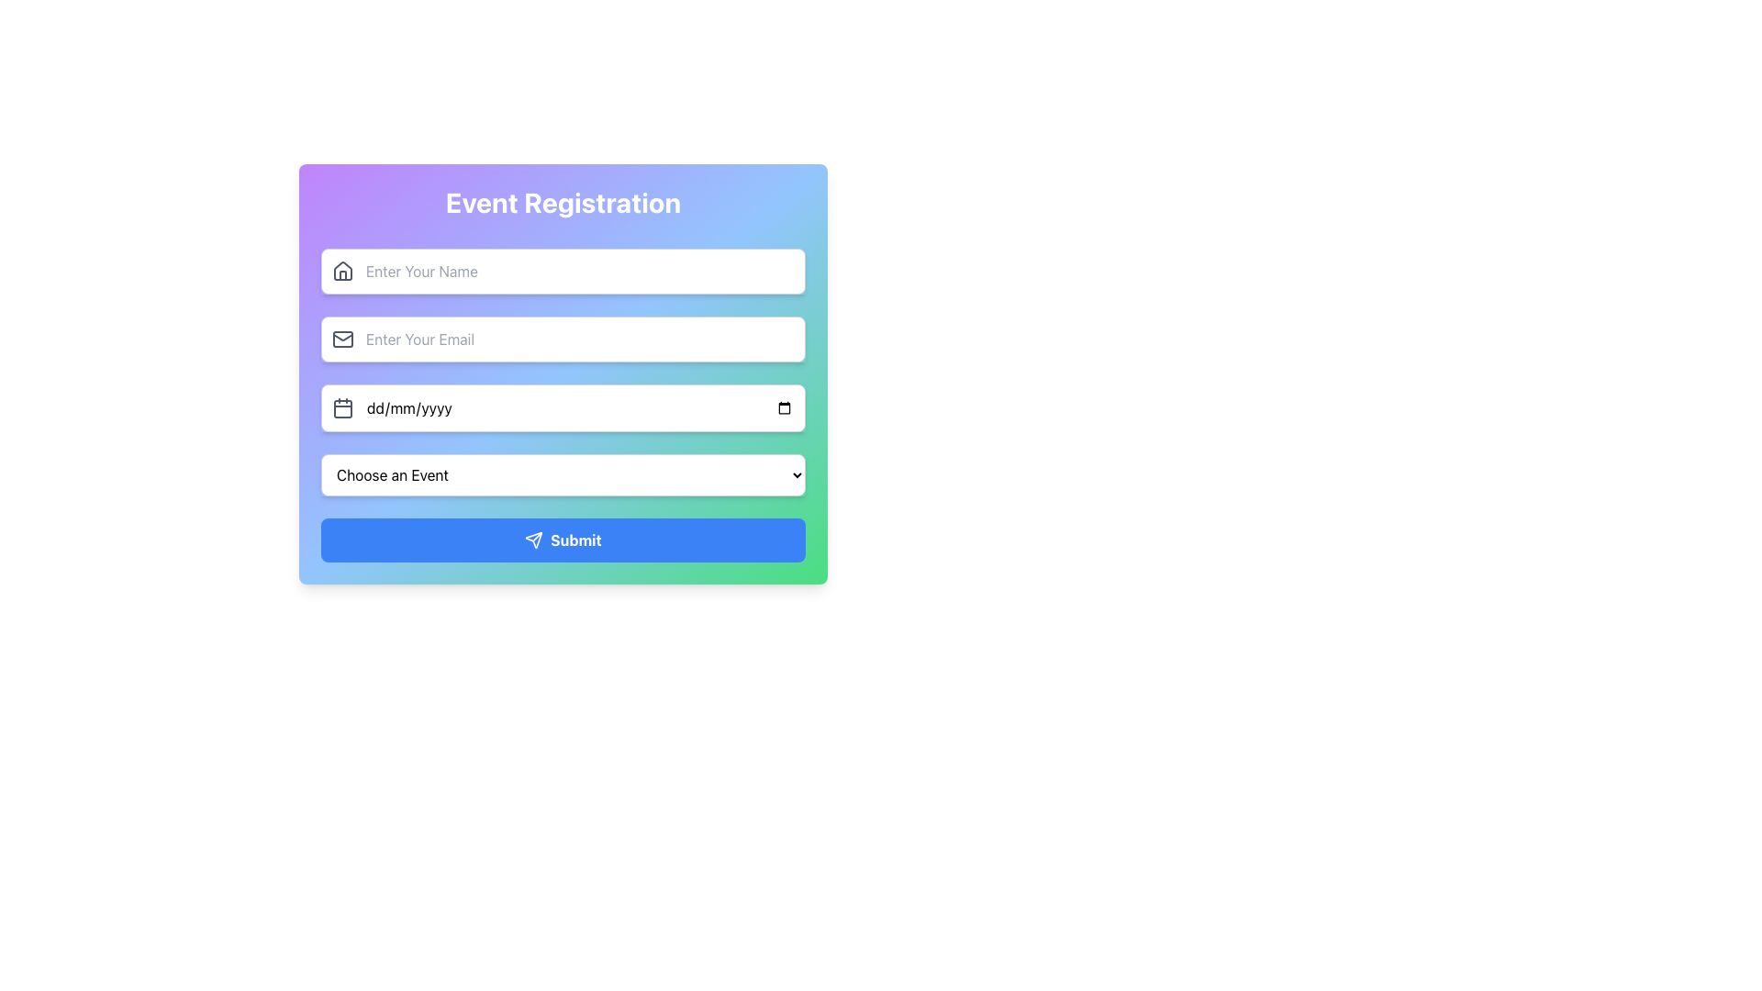 This screenshot has width=1762, height=991. I want to click on the Dropdown menu, so click(563, 473).